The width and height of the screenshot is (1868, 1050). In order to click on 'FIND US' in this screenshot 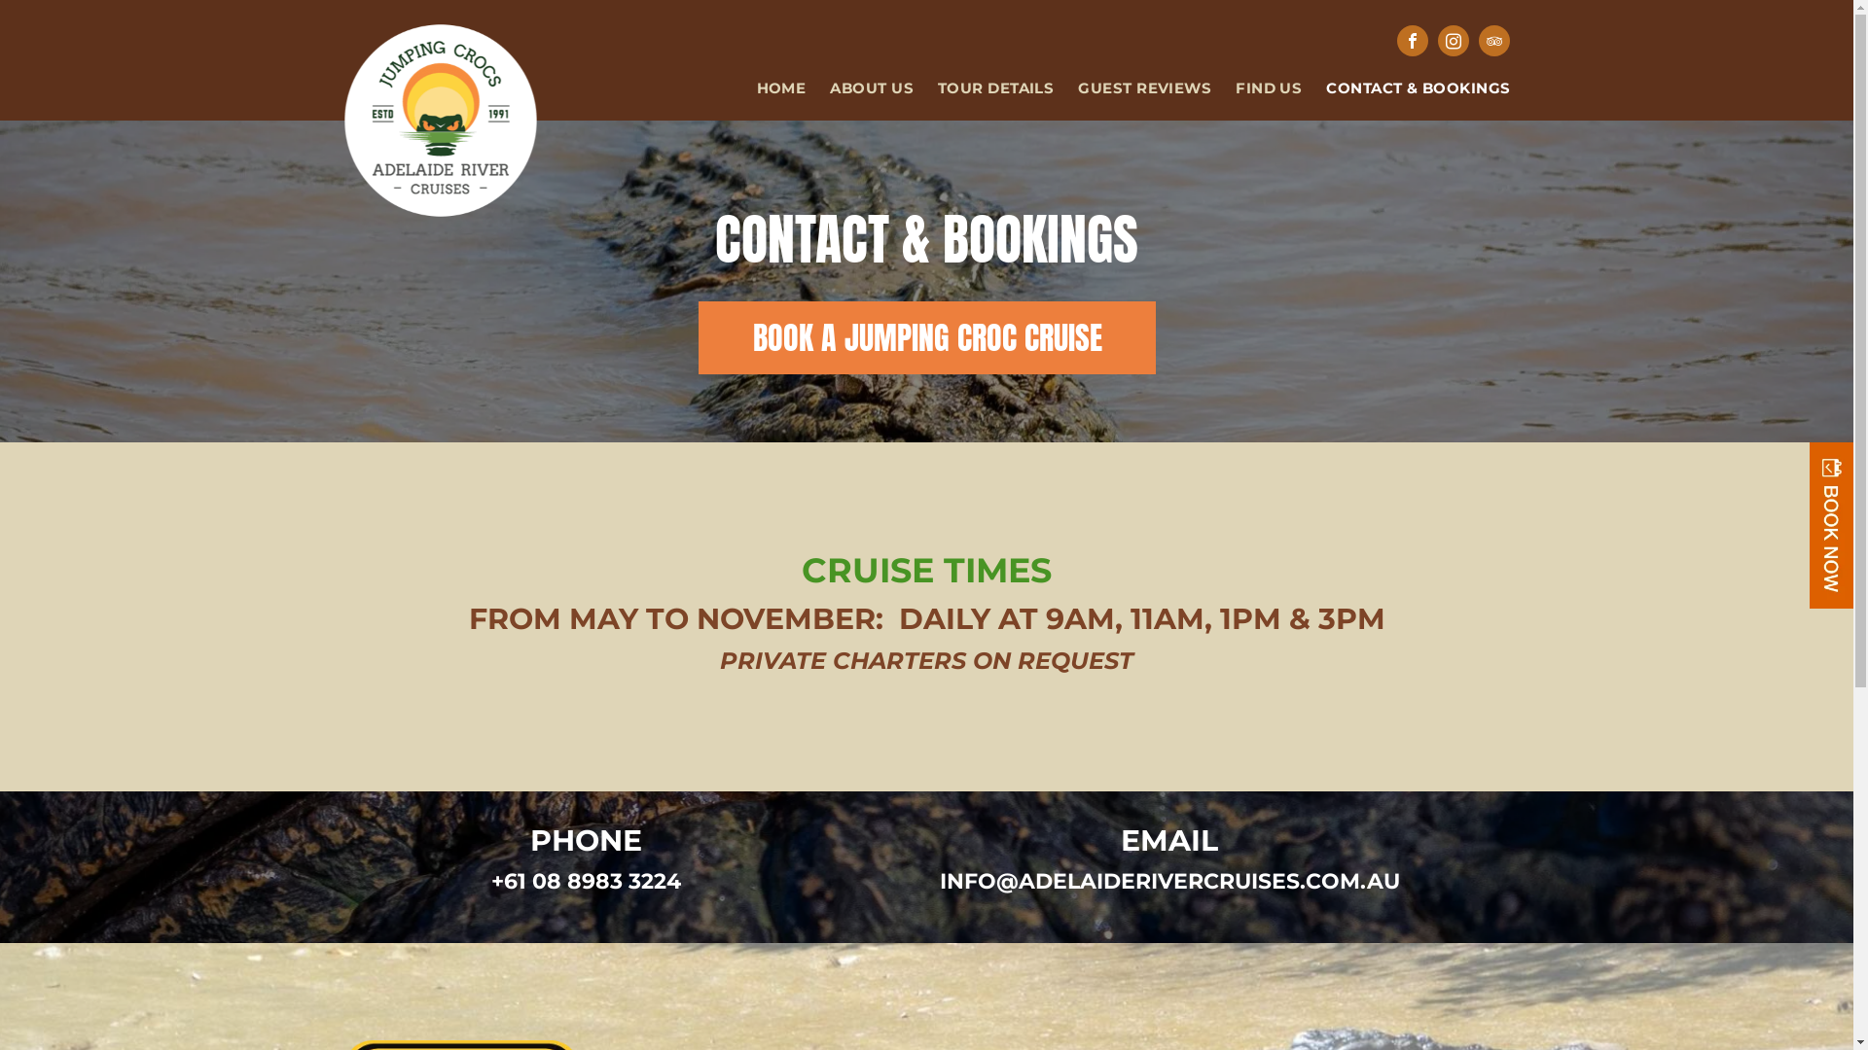, I will do `click(1256, 88)`.